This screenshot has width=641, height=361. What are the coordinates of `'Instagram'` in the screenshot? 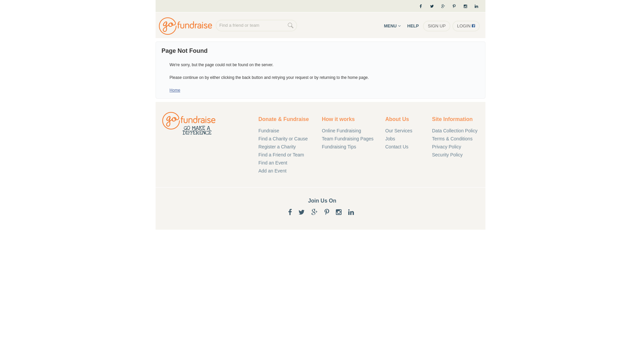 It's located at (336, 212).